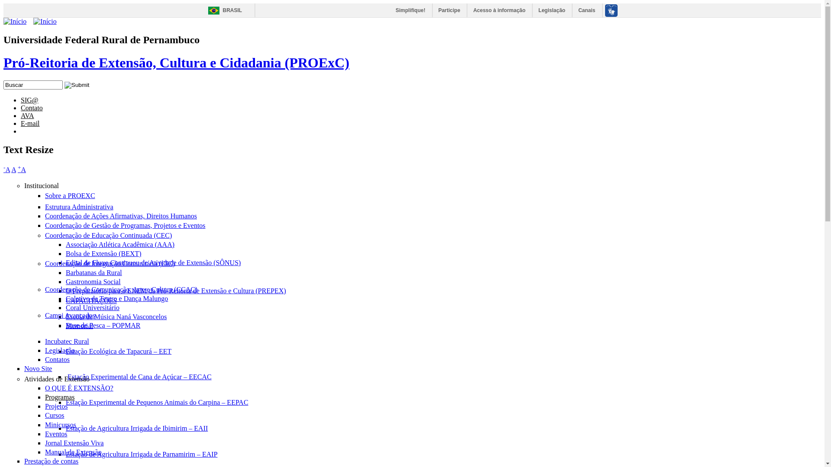  I want to click on 'Contato', so click(32, 107).